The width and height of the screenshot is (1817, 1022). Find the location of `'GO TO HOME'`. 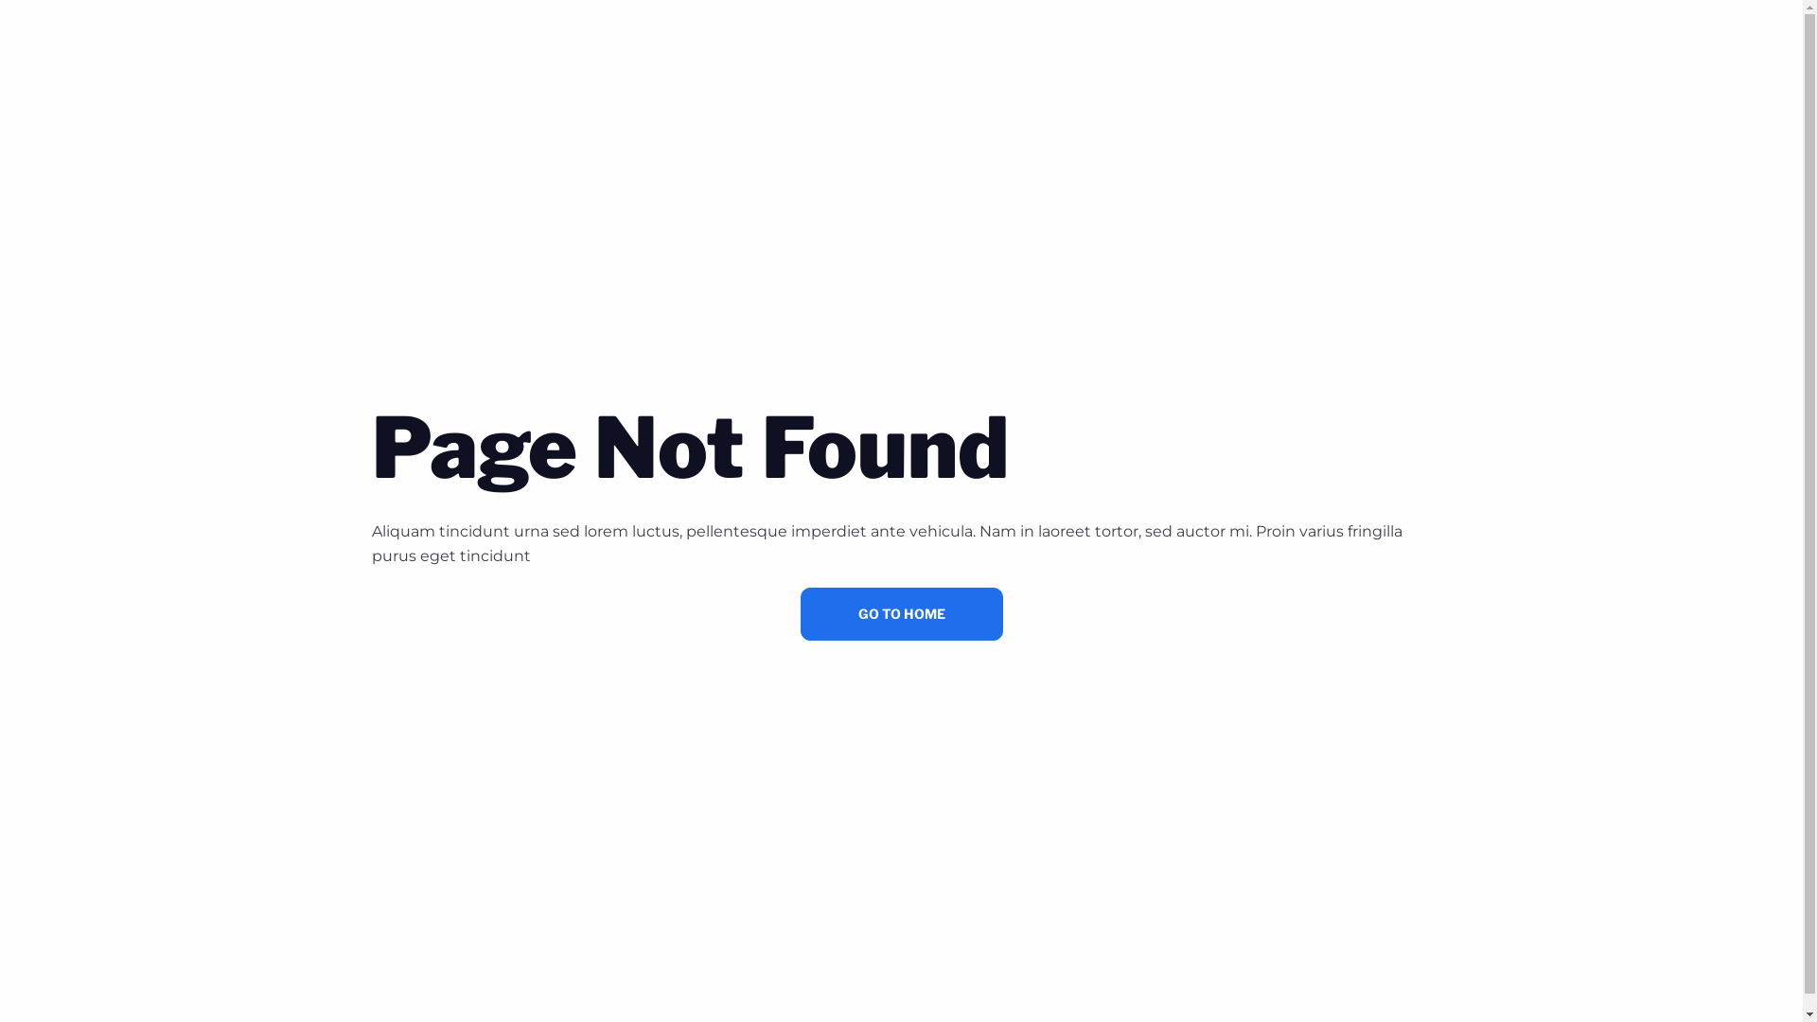

'GO TO HOME' is located at coordinates (901, 613).